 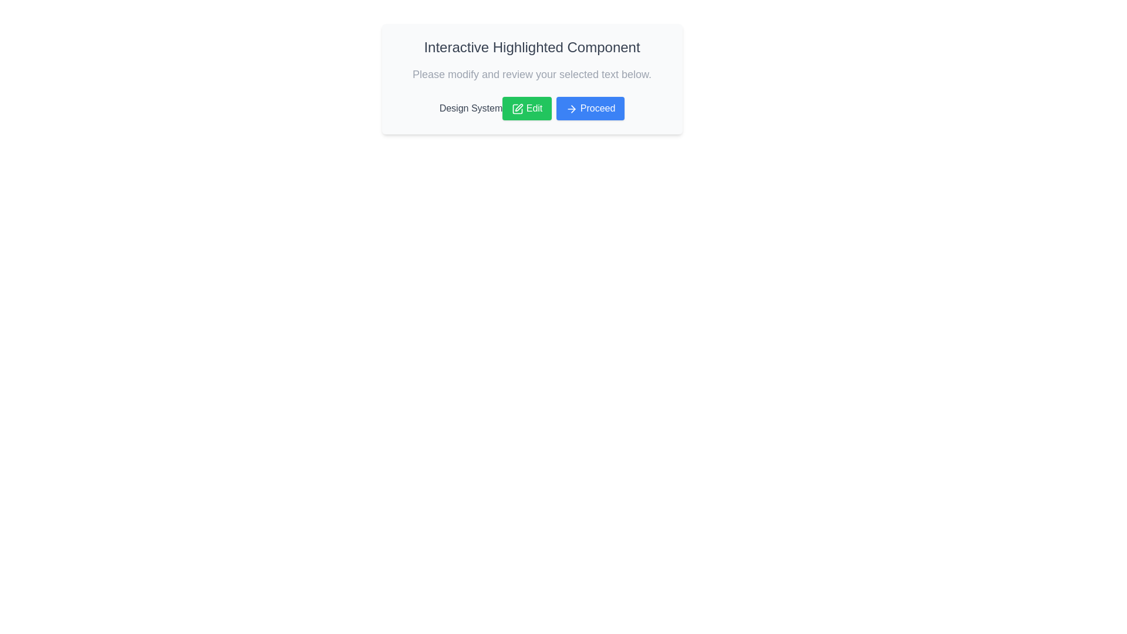 I want to click on the pen icon element within the green 'Edit' button in the SVG graphical component, so click(x=518, y=107).